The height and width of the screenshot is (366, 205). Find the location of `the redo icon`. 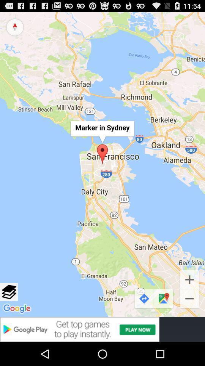

the redo icon is located at coordinates (143, 320).